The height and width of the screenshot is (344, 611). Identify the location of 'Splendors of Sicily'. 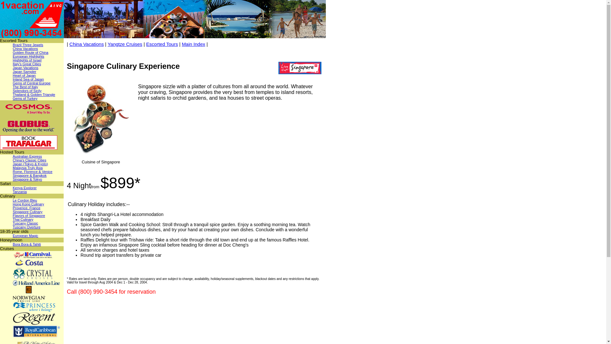
(12, 91).